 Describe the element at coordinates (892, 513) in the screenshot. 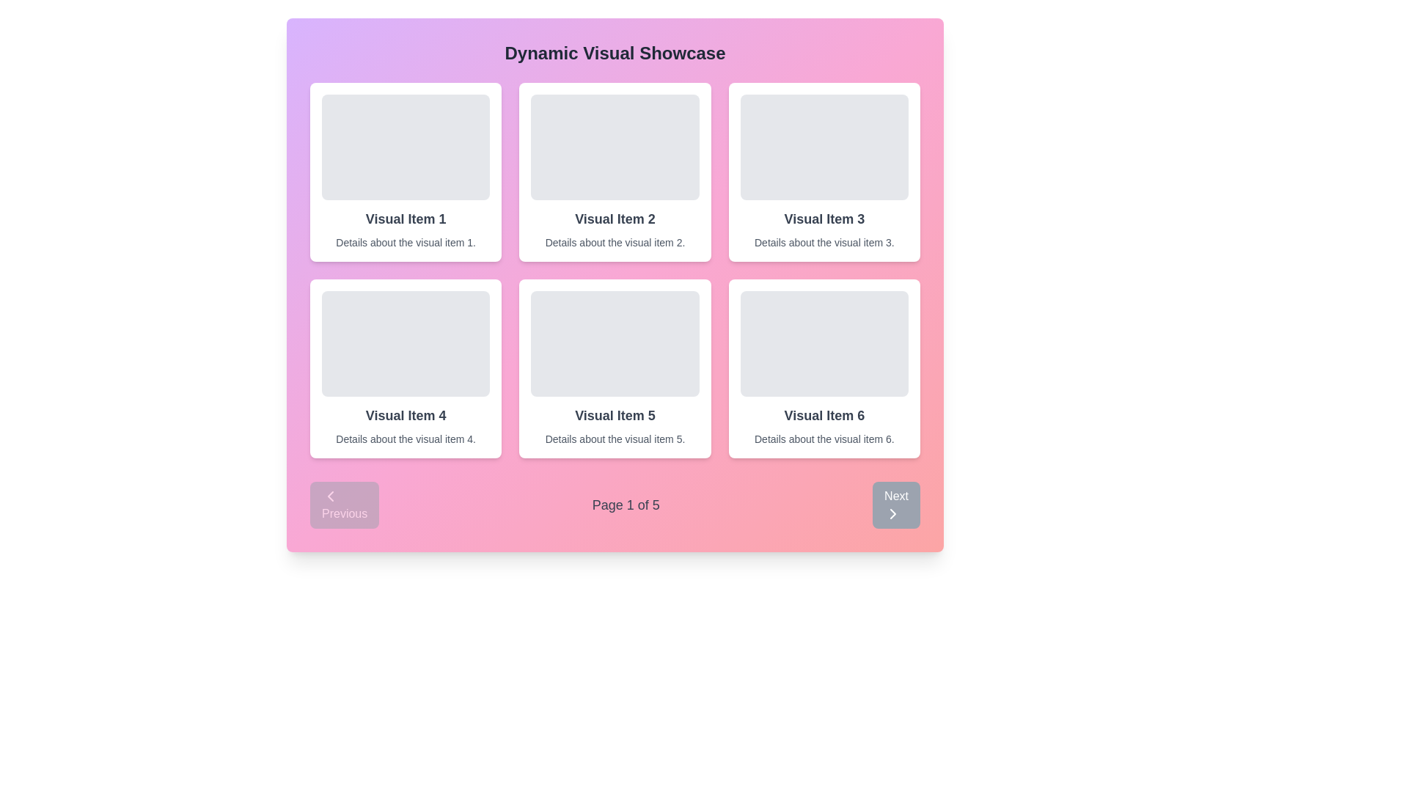

I see `the right-pointing chevron icon within the 'Next' button located in the bottom-right corner of the interface` at that location.